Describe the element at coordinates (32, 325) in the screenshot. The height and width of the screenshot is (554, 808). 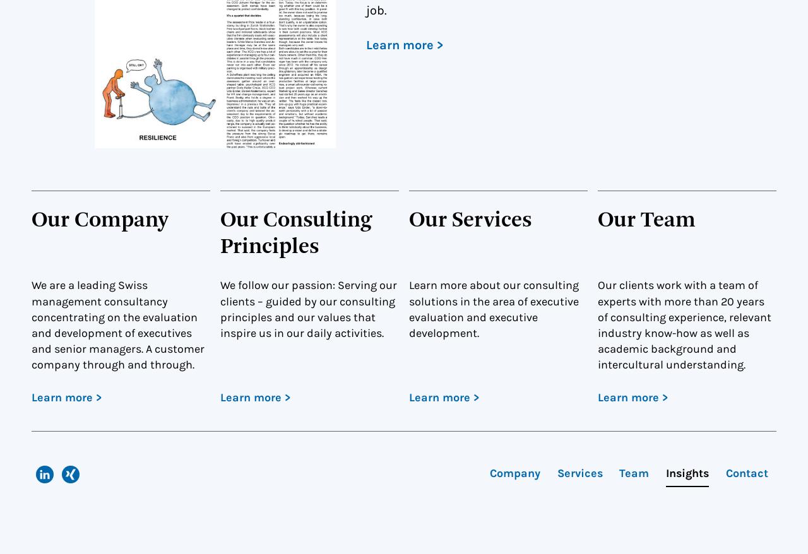
I see `'We are a leading Swiss management consultancy concentrating on the evaluation and development of executives and senior managers. A customer company through and through.'` at that location.